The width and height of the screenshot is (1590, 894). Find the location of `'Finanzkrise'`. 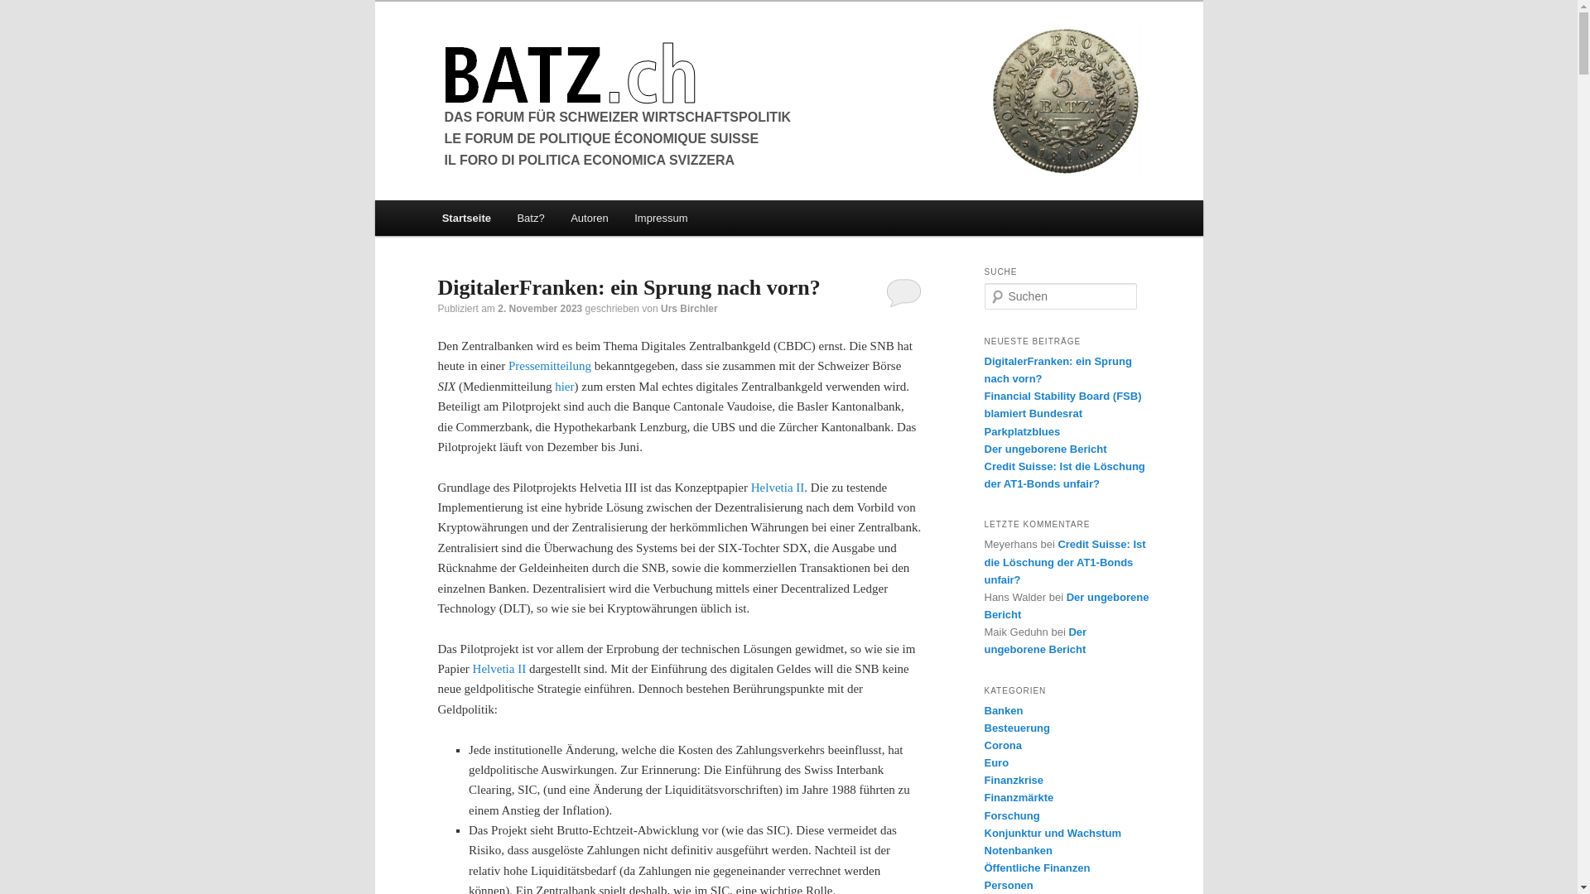

'Finanzkrise' is located at coordinates (1013, 780).